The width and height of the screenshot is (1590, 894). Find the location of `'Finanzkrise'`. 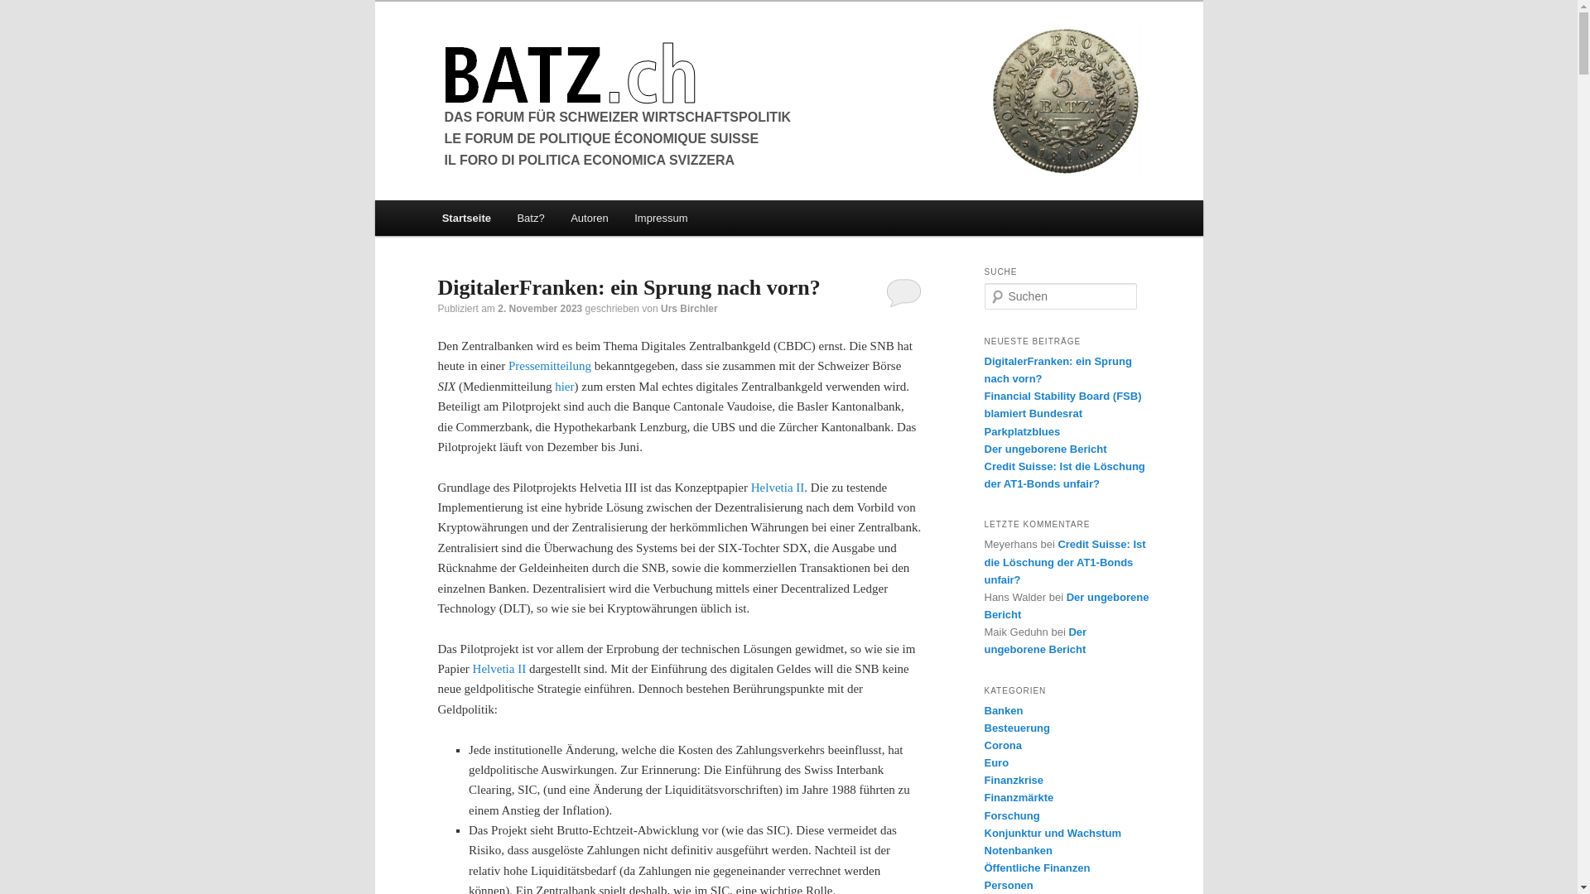

'Finanzkrise' is located at coordinates (1013, 780).